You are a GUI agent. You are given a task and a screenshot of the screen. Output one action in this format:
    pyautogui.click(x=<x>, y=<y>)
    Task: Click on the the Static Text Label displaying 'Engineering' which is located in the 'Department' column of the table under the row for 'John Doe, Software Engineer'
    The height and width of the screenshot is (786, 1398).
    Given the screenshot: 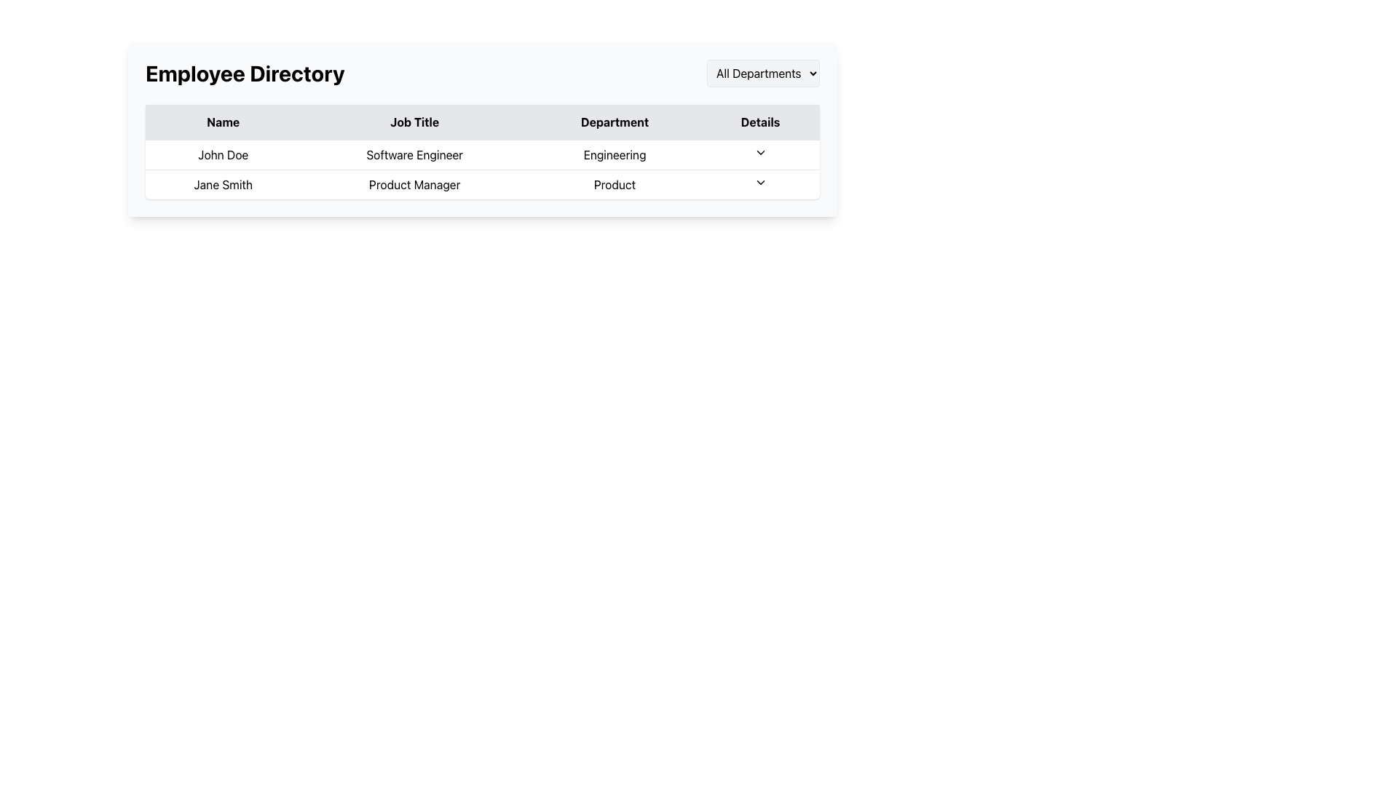 What is the action you would take?
    pyautogui.click(x=615, y=154)
    